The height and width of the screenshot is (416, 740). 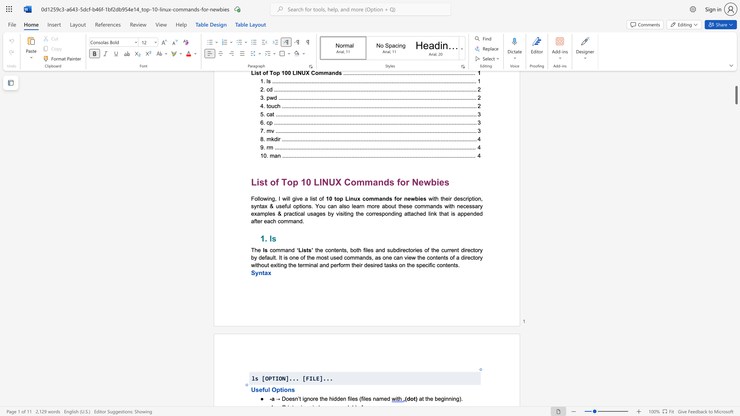 I want to click on the 1th character "U" in the text, so click(x=253, y=389).